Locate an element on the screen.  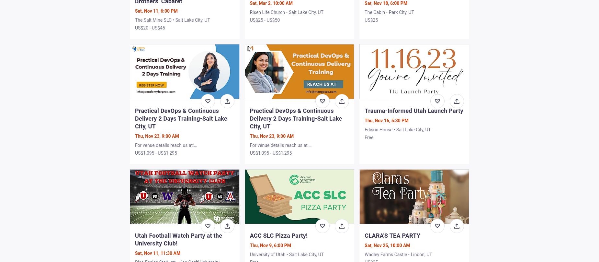
'Practical DevOps & Continuous Delivery 2 Days Training-Salt Lake City, UT' is located at coordinates (181, 118).